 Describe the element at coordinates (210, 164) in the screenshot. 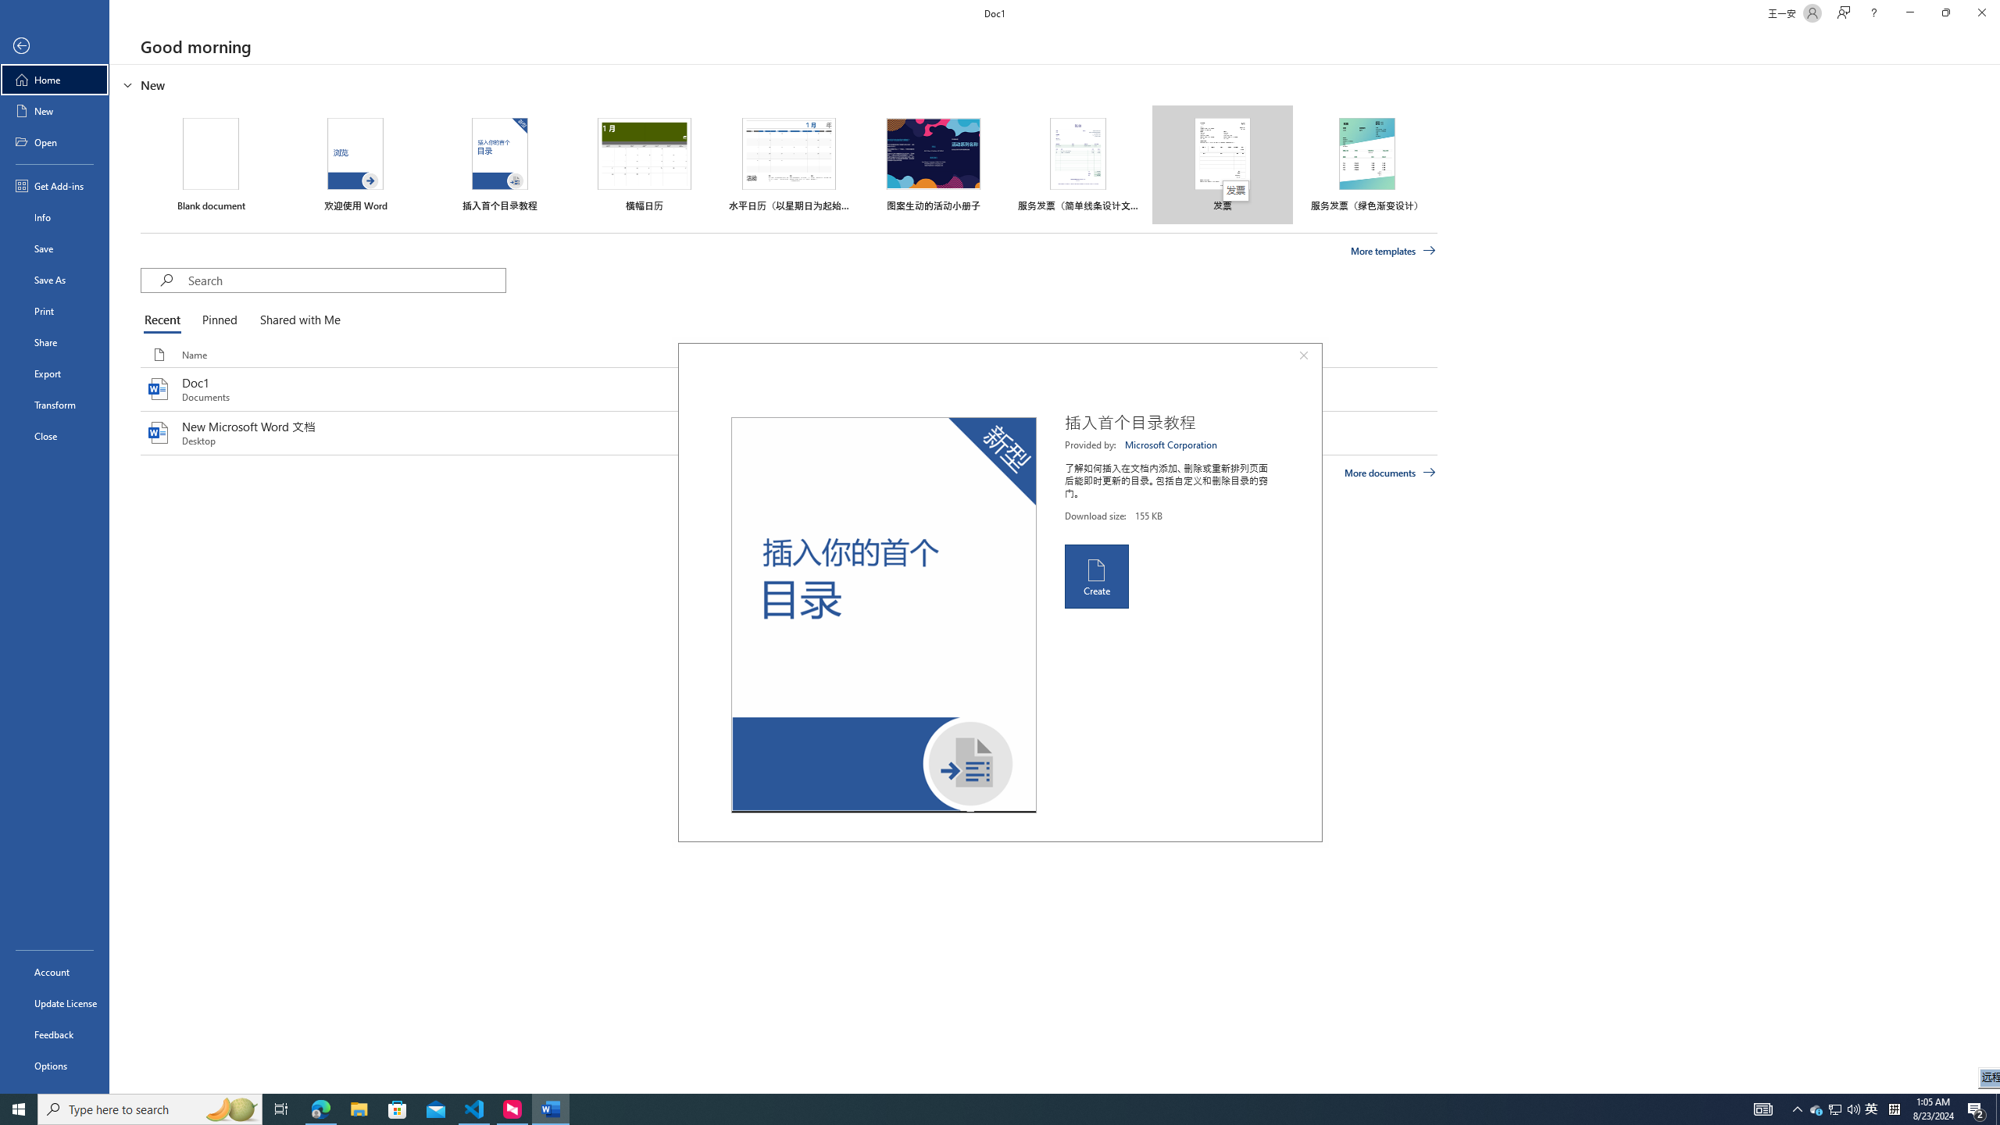

I see `'Blank document'` at that location.